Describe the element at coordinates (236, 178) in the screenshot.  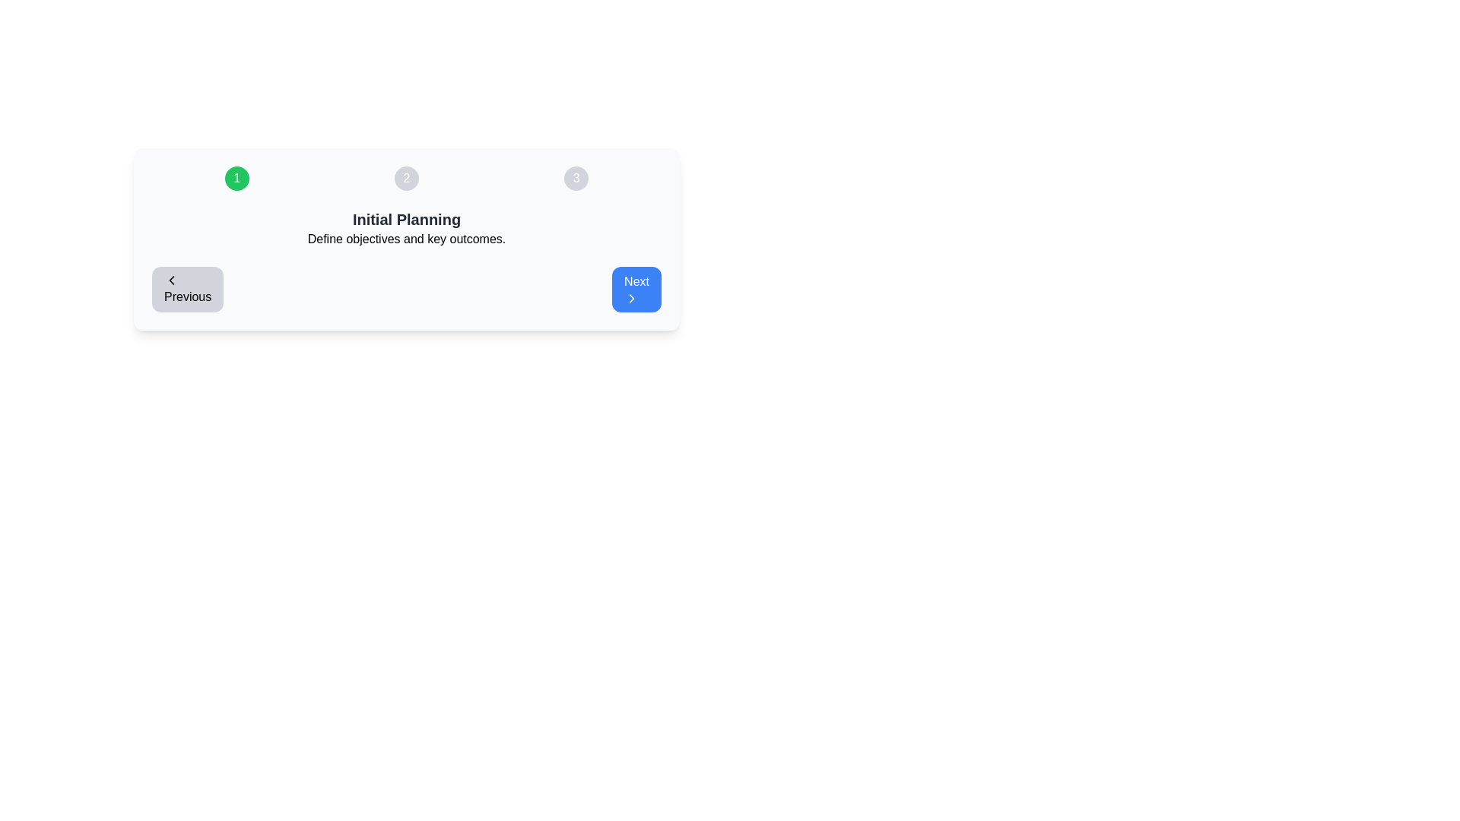
I see `the circular indicator button with a green background and the number '1' displayed in white text at its center, which is the leftmost button in a sequence of three` at that location.